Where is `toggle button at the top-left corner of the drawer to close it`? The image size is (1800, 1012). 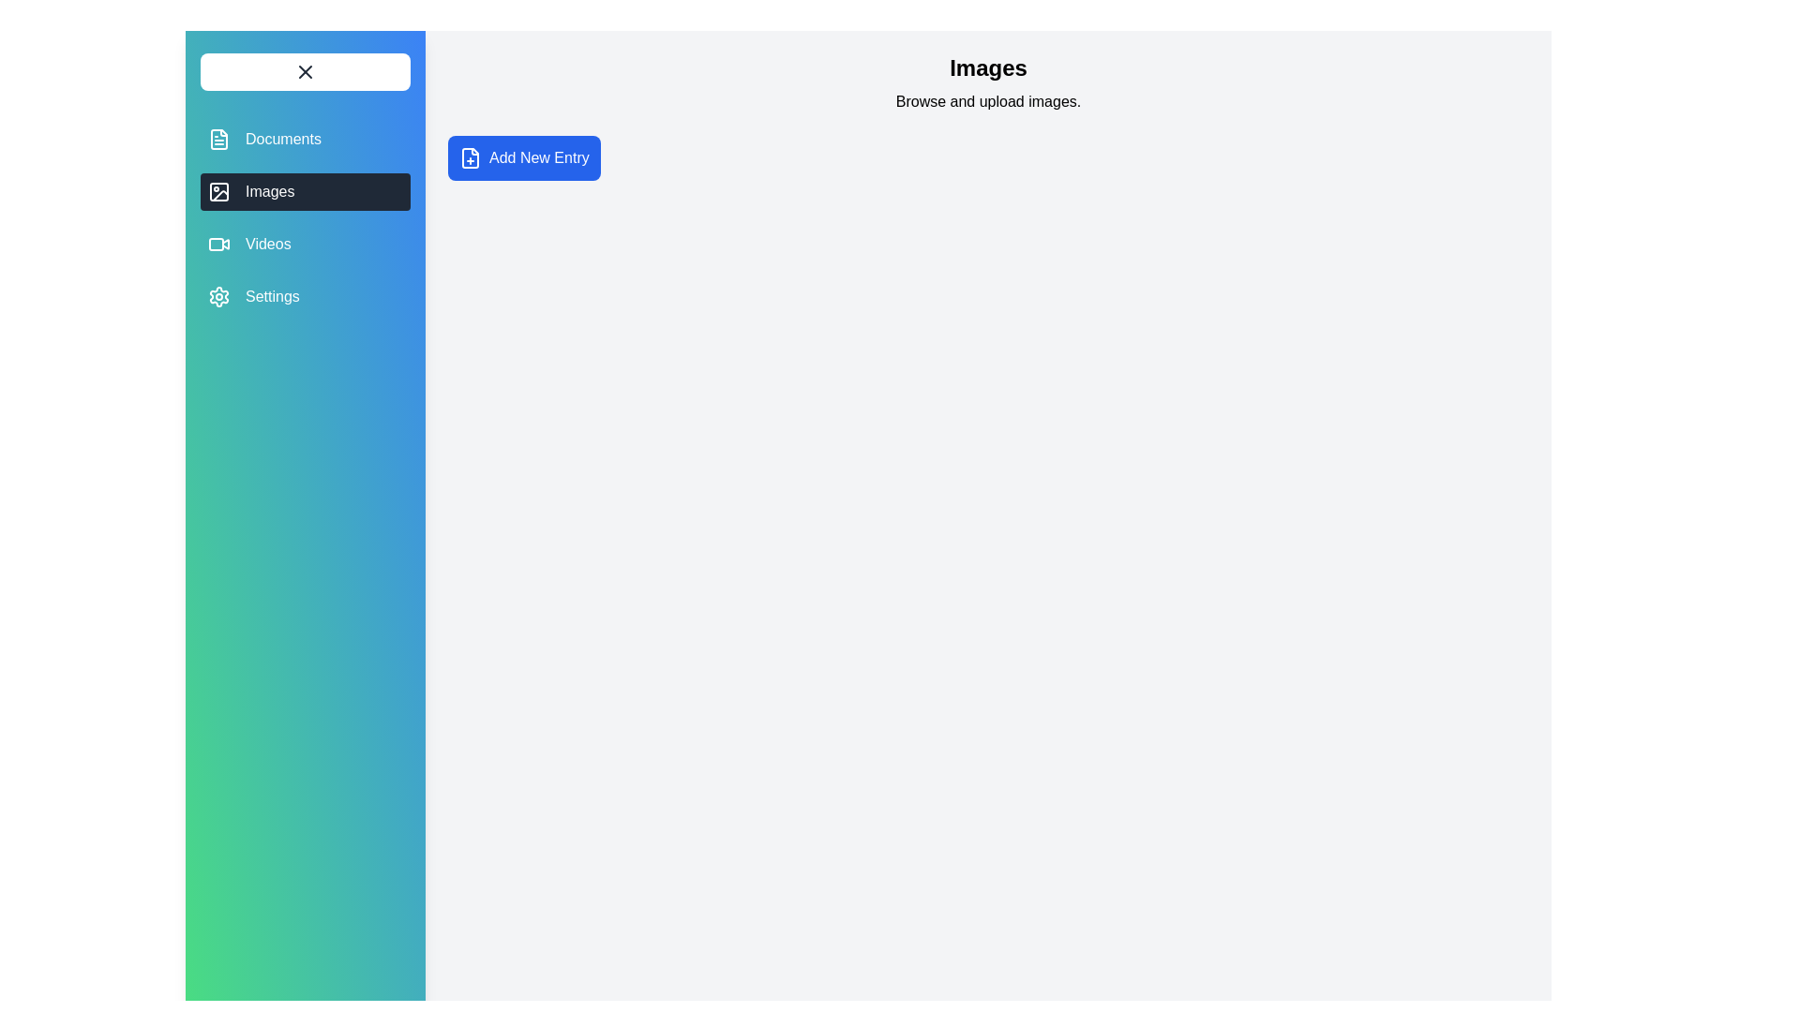 toggle button at the top-left corner of the drawer to close it is located at coordinates (306, 71).